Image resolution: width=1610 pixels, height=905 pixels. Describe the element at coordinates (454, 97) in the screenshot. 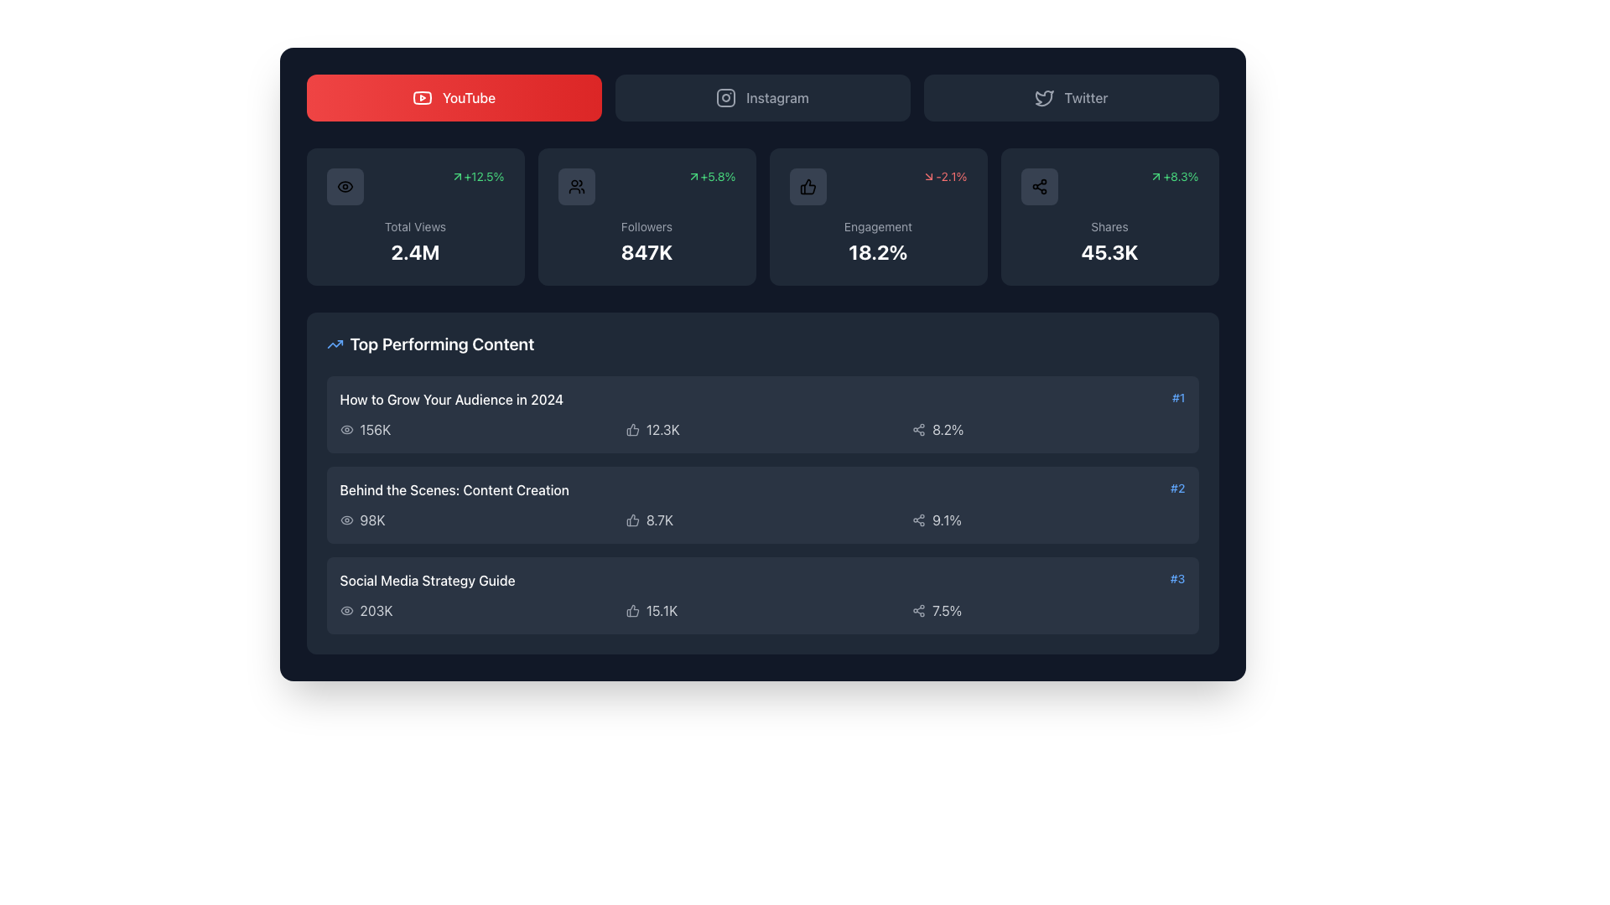

I see `the leftmost button in the row, which is a rectangular button with a gradient red background and contains the YouTube logo and the text 'YouTube'` at that location.